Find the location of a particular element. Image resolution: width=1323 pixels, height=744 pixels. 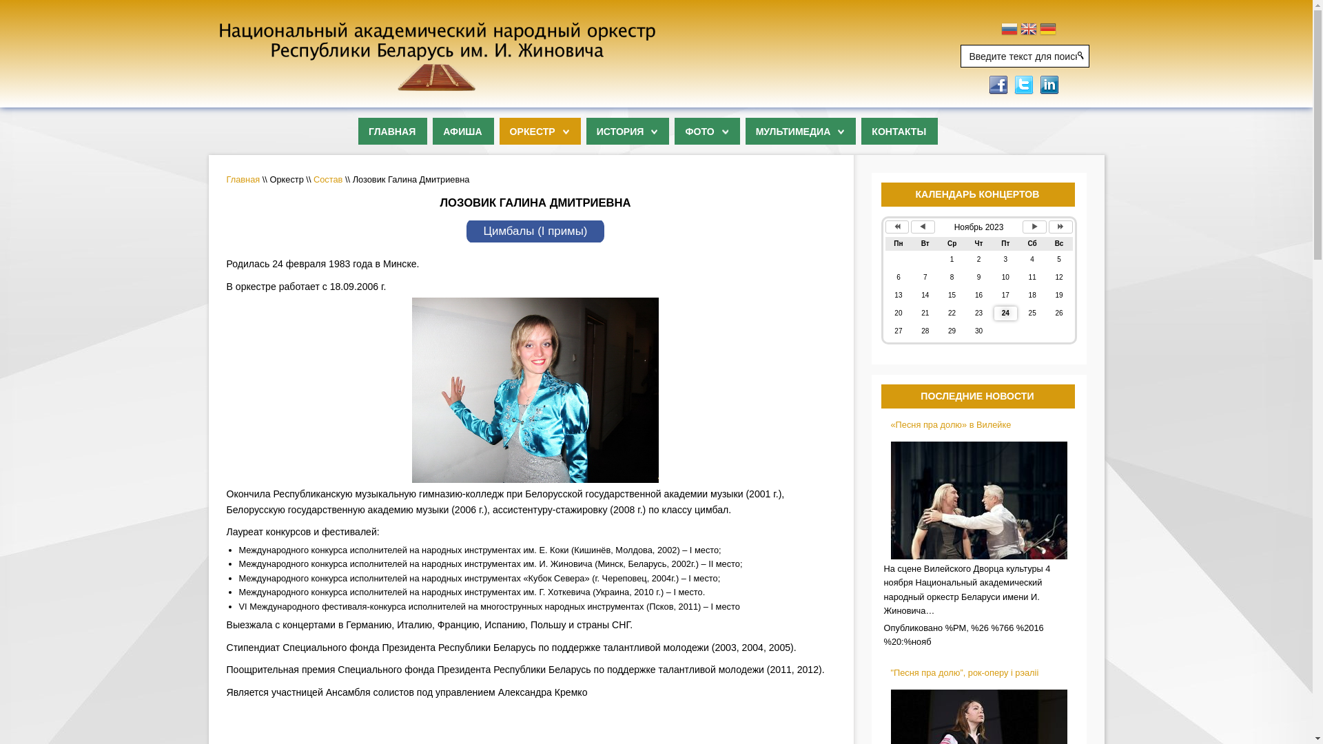

'Submit to Facebook' is located at coordinates (998, 83).